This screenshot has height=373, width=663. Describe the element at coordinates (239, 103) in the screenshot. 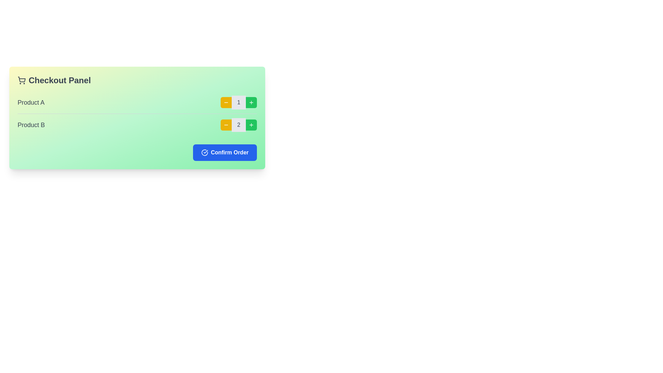

I see `the static display element showing the current quantity of 'Product A' located in the second column of the first row` at that location.